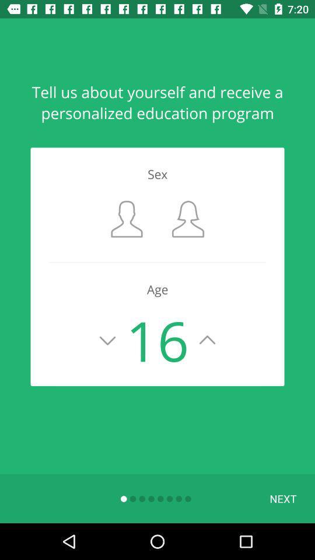  What do you see at coordinates (188, 218) in the screenshot?
I see `the item below sex` at bounding box center [188, 218].